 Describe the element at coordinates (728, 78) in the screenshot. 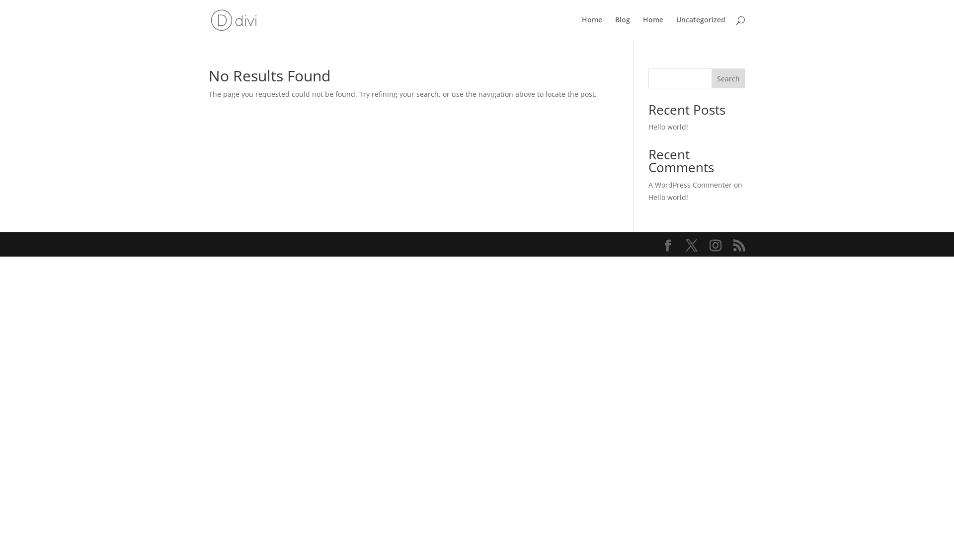

I see `'Search'` at that location.